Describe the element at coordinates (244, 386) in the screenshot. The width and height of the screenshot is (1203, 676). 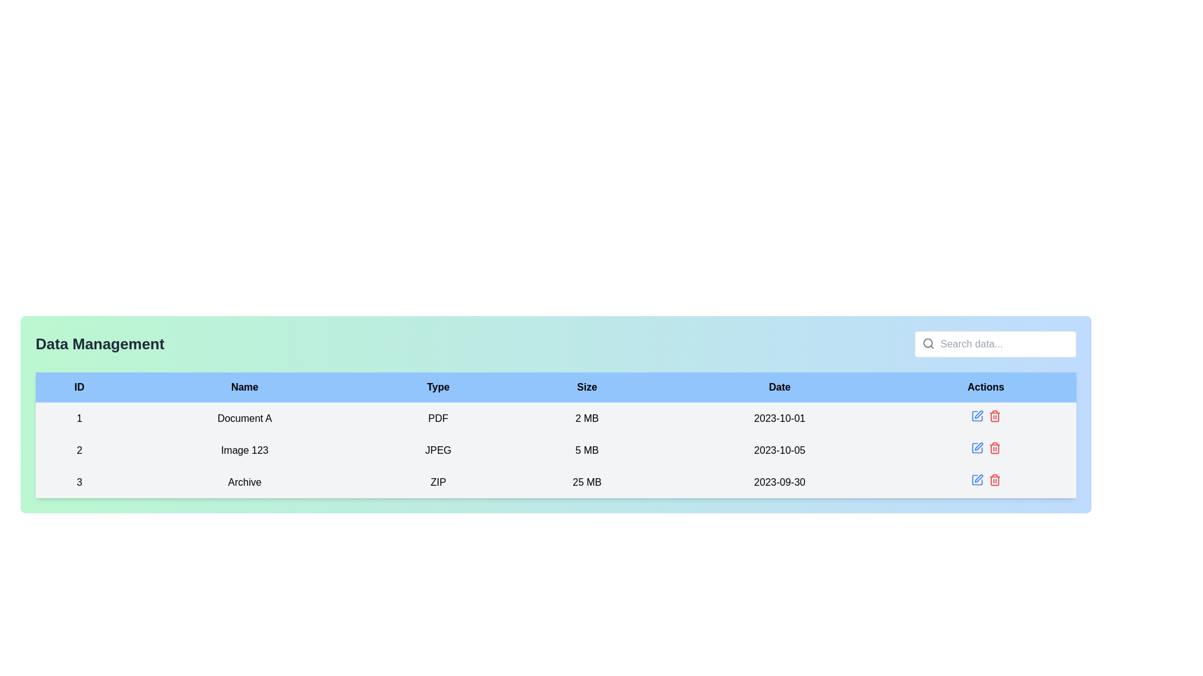
I see `the Table Header Cell that indicates the following column contains names, positioned between the 'ID' and 'Type' headers in the table header row` at that location.